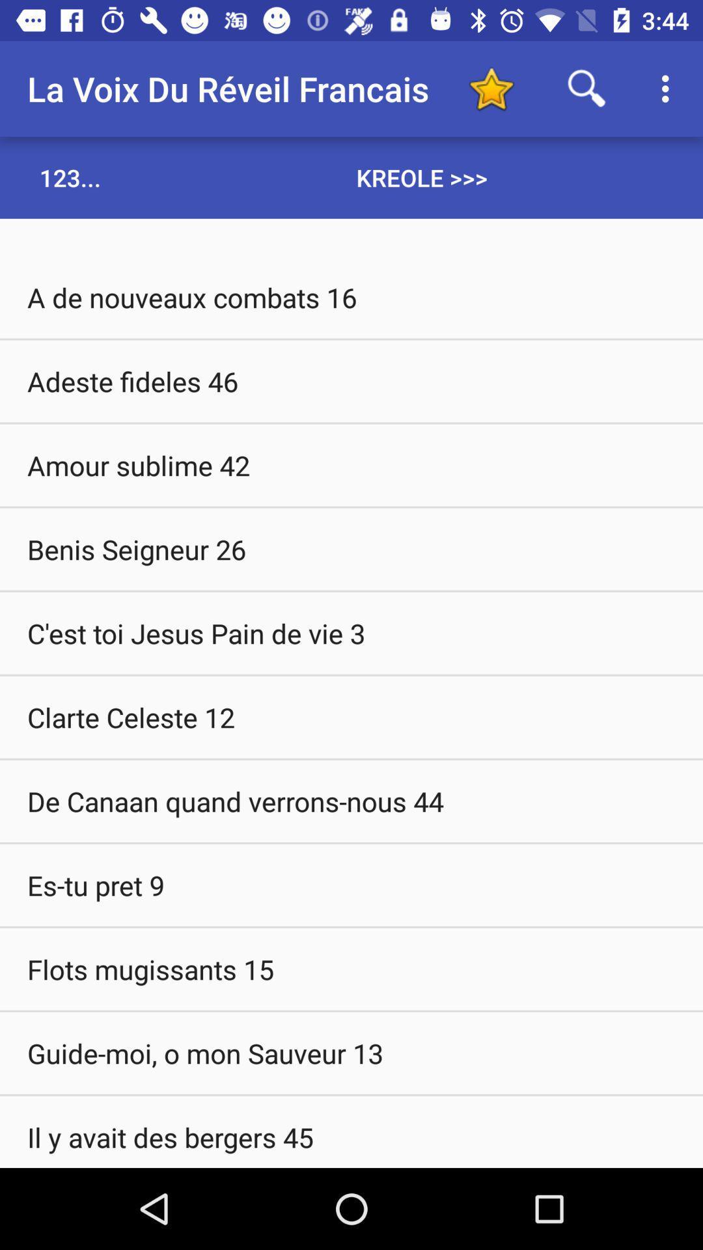 Image resolution: width=703 pixels, height=1250 pixels. What do you see at coordinates (351, 800) in the screenshot?
I see `the item above the es tu pret item` at bounding box center [351, 800].